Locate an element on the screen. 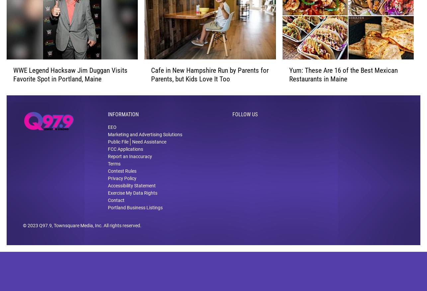 Image resolution: width=427 pixels, height=291 pixels. ', Townsquare Media, Inc' is located at coordinates (76, 235).